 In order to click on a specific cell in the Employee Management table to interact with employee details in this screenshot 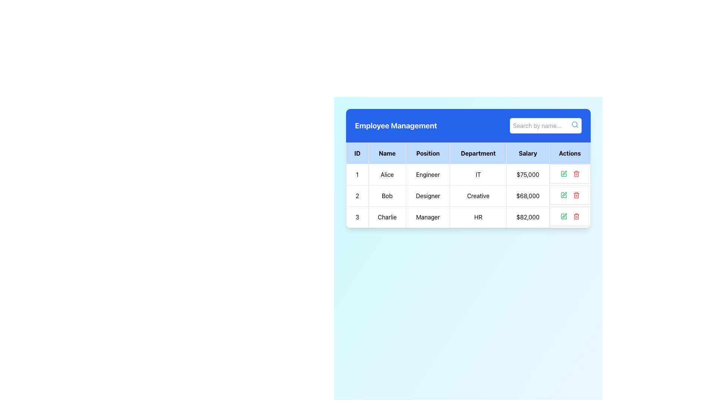, I will do `click(468, 185)`.